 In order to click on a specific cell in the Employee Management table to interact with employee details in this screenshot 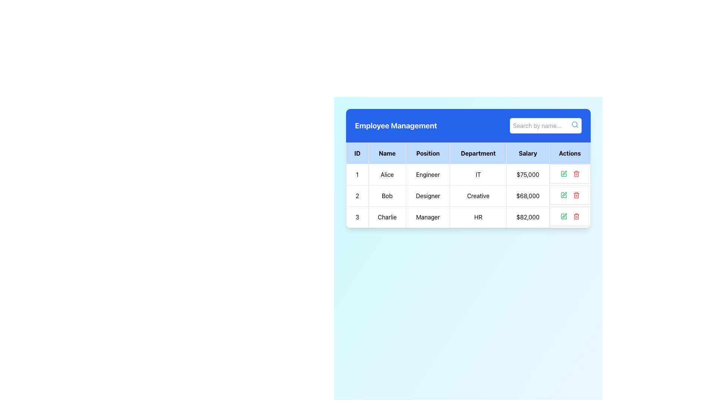, I will do `click(468, 185)`.